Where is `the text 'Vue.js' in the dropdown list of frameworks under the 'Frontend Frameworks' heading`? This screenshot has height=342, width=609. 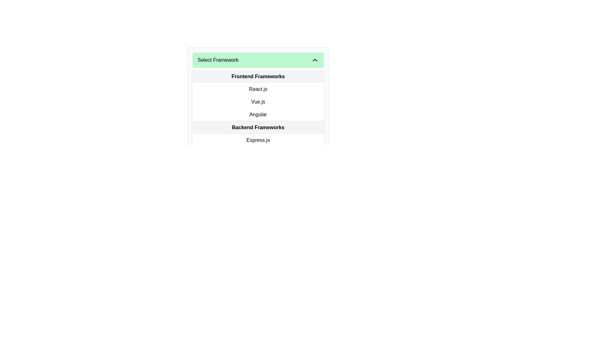
the text 'Vue.js' in the dropdown list of frameworks under the 'Frontend Frameworks' heading is located at coordinates (258, 101).